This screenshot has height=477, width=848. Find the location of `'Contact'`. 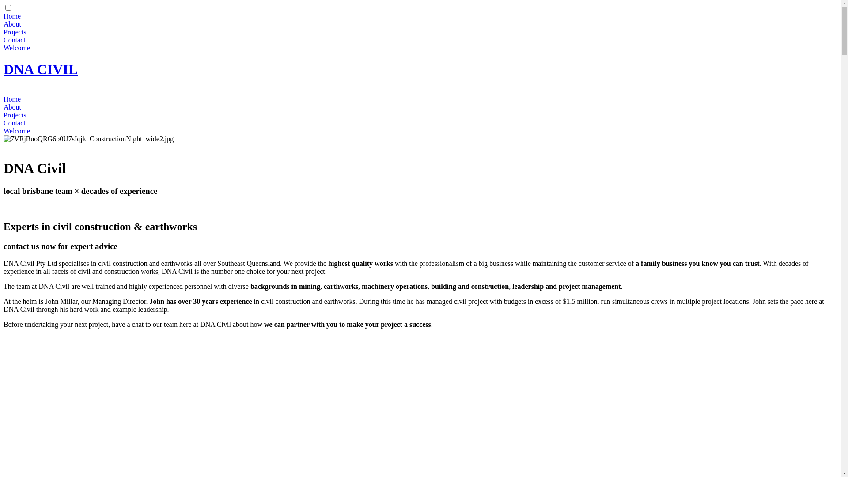

'Contact' is located at coordinates (15, 123).